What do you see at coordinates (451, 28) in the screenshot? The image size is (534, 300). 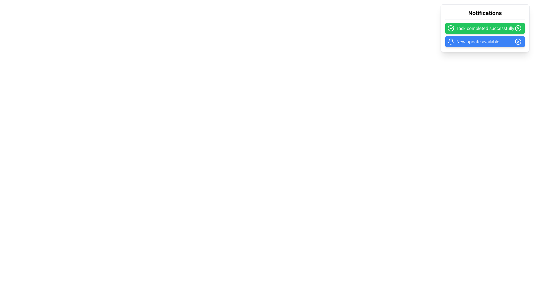 I see `the success icon located at the left edge of the green background area labeled 'Task completed successfully!' in the notification panel` at bounding box center [451, 28].